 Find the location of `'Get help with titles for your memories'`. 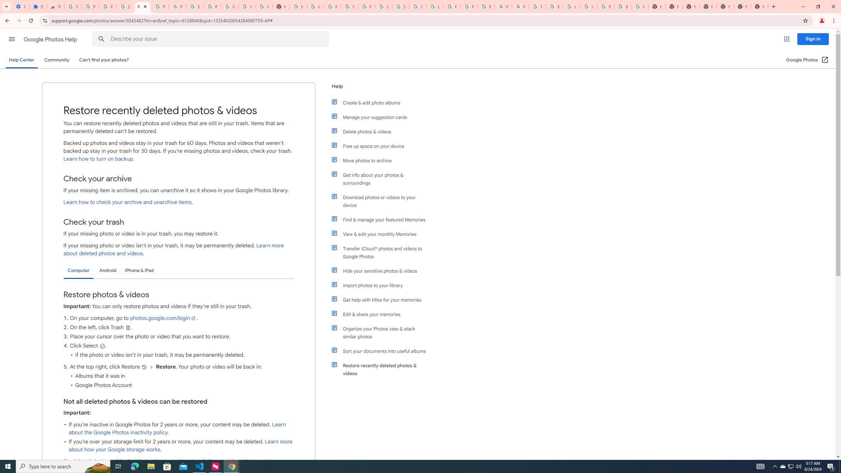

'Get help with titles for your memories' is located at coordinates (382, 299).